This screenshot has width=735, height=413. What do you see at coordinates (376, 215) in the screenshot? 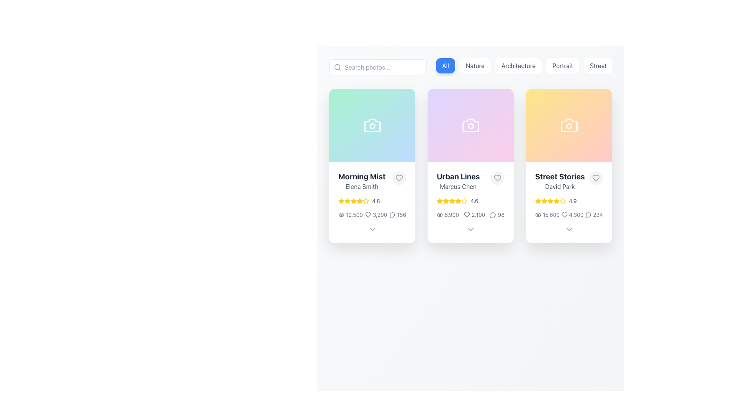
I see `the 'likes' or 'favorites' icon located within the 'Morning Mist' card, positioned between the view count '12,500' and the comment count '156'` at bounding box center [376, 215].